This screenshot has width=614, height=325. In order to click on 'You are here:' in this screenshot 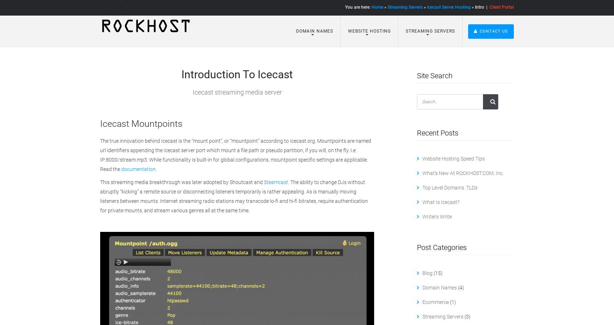, I will do `click(345, 7)`.